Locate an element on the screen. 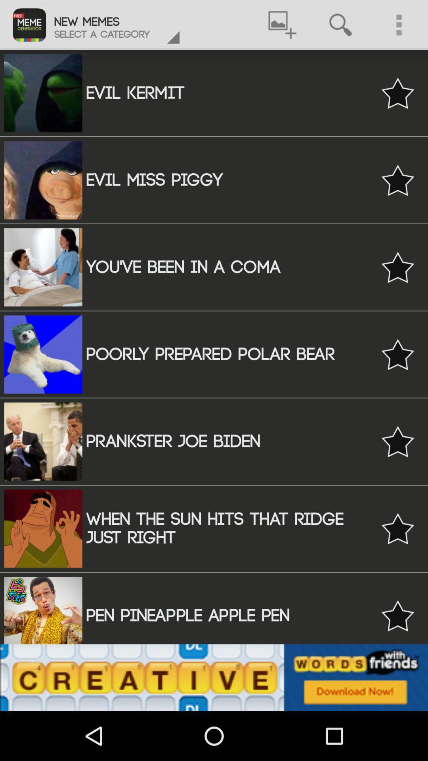 The width and height of the screenshot is (428, 761). to favorite is located at coordinates (397, 528).